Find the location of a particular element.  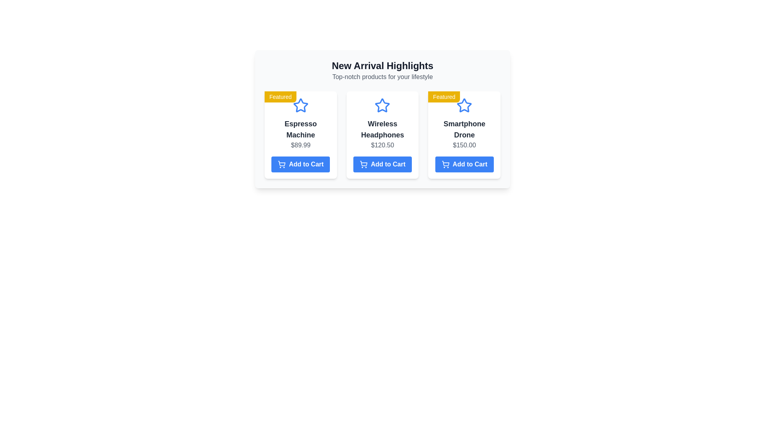

the text label displaying the price '$89.99' located in the first product card, which is below the 'Espresso Machine' text and above the 'Add to Cart' button is located at coordinates (300, 145).